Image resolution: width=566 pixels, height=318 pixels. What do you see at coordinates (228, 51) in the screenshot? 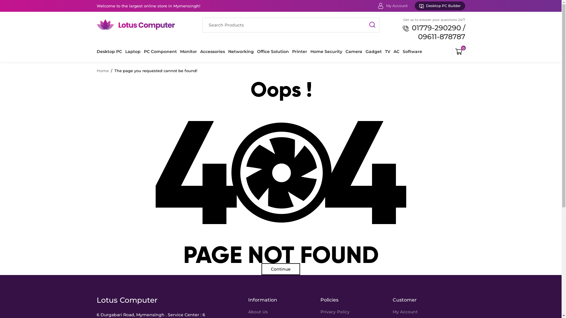
I see `'Networking'` at bounding box center [228, 51].